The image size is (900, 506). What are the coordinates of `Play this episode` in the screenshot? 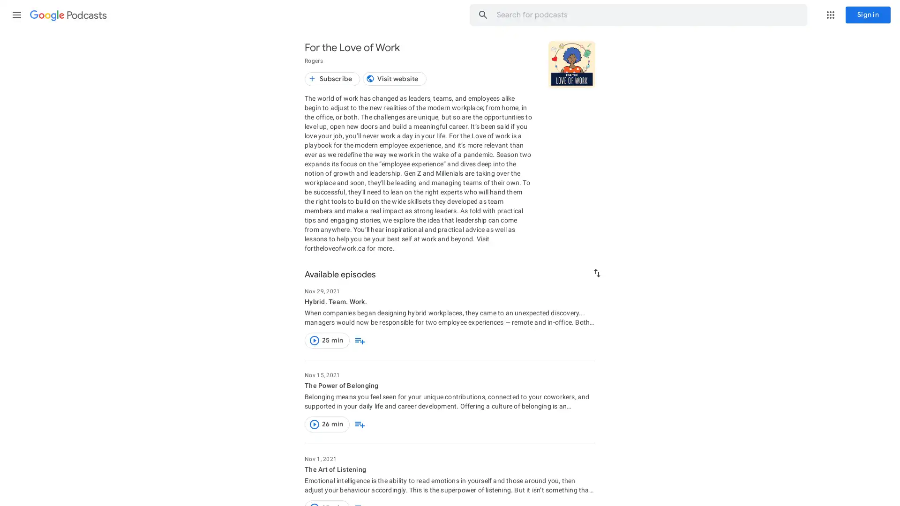 It's located at (315, 424).